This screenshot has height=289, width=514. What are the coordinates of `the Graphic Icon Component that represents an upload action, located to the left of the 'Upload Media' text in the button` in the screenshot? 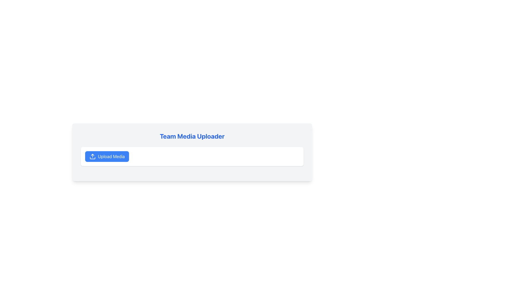 It's located at (92, 158).